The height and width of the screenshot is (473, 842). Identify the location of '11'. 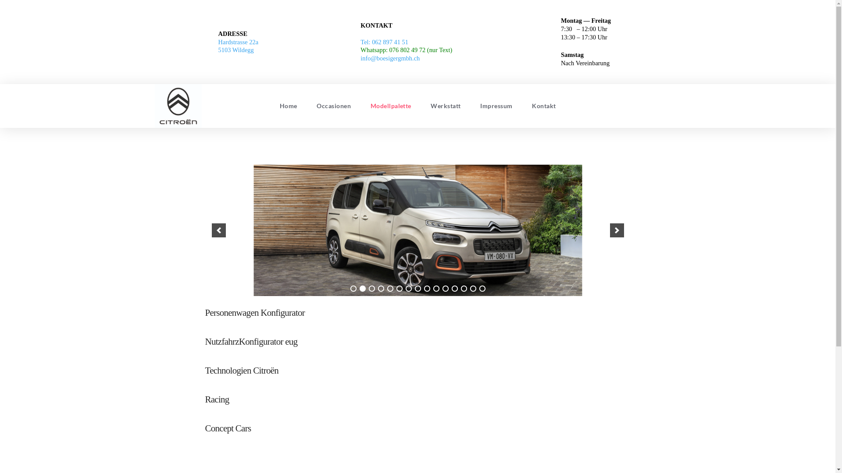
(445, 289).